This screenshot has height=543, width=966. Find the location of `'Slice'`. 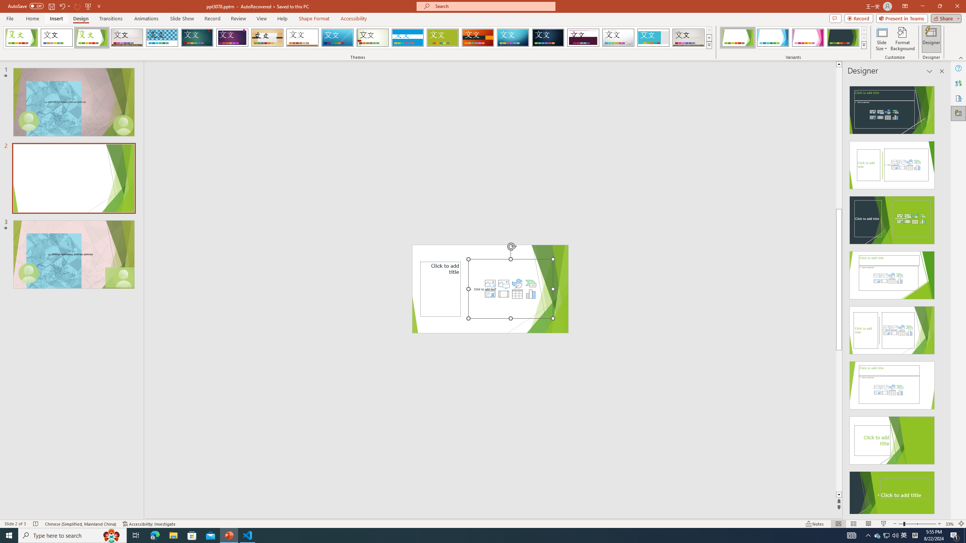

'Slice' is located at coordinates (337, 37).